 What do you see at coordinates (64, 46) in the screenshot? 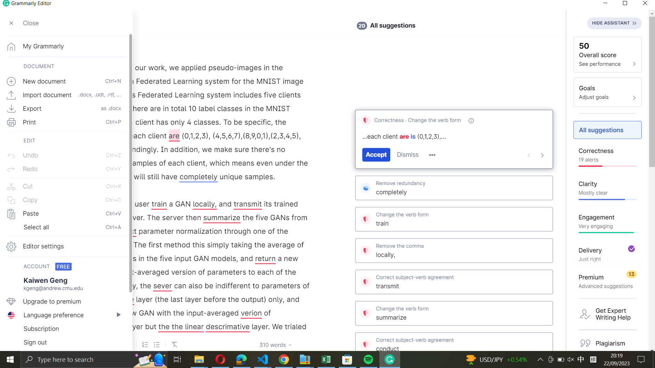
I see `Go to the home screen` at bounding box center [64, 46].